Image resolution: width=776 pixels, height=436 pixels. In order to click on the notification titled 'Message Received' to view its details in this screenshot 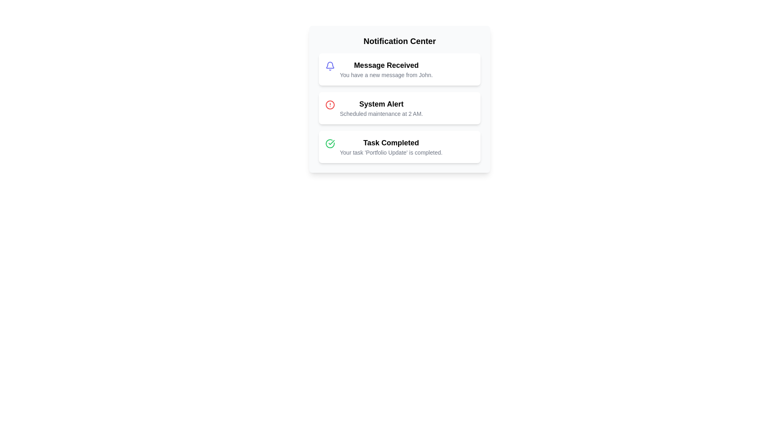, I will do `click(399, 69)`.